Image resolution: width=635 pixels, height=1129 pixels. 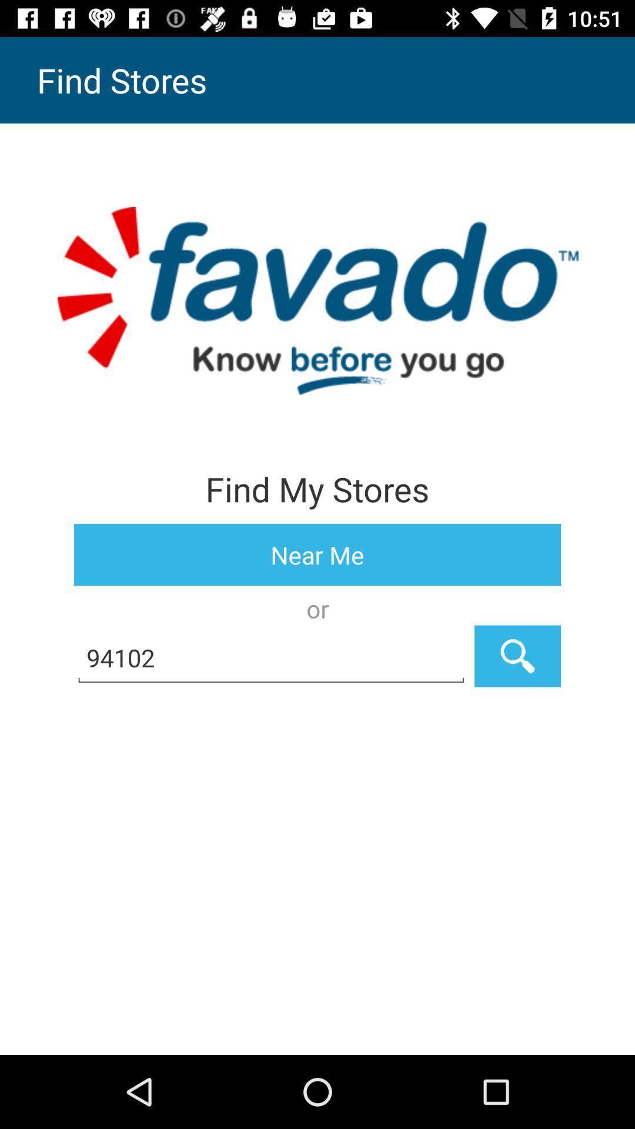 What do you see at coordinates (517, 656) in the screenshot?
I see `confirm search` at bounding box center [517, 656].